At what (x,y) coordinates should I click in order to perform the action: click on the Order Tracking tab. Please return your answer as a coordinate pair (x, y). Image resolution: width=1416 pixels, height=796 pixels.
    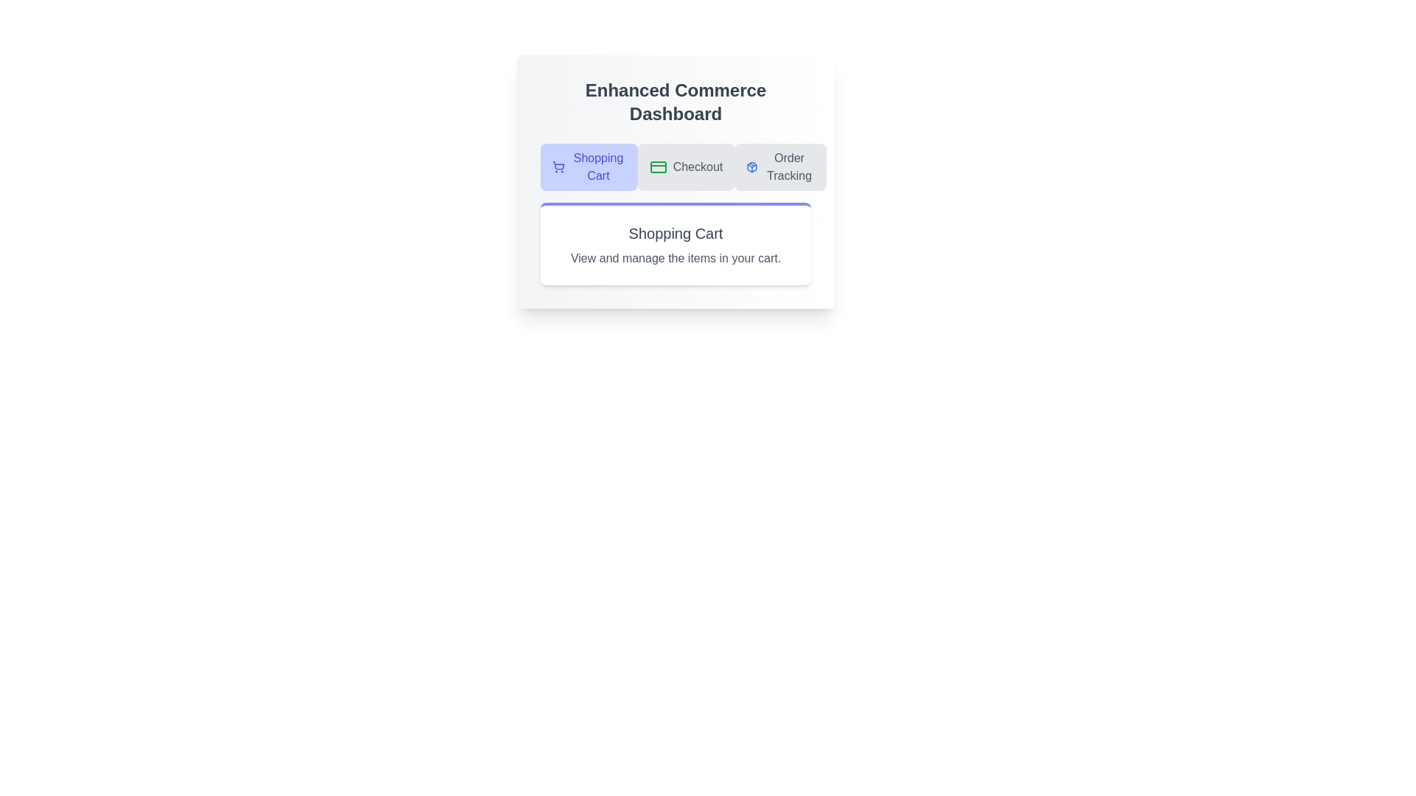
    Looking at the image, I should click on (780, 167).